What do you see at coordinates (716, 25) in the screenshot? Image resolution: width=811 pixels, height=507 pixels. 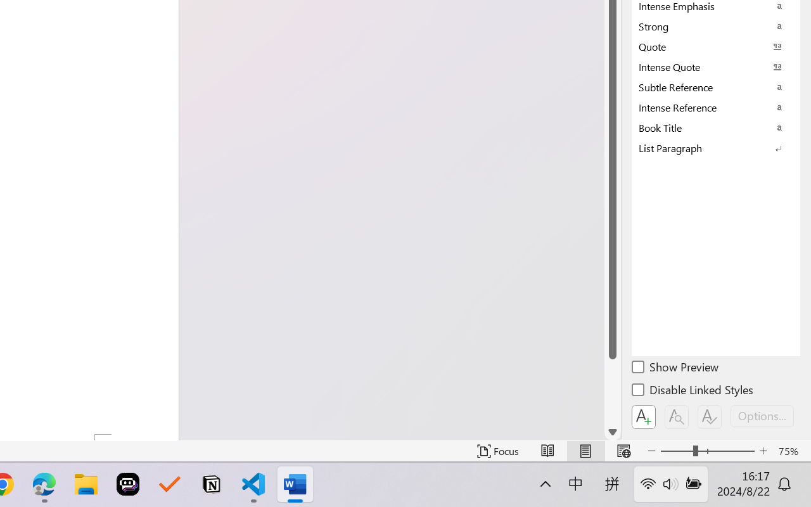 I see `'Strong'` at bounding box center [716, 25].